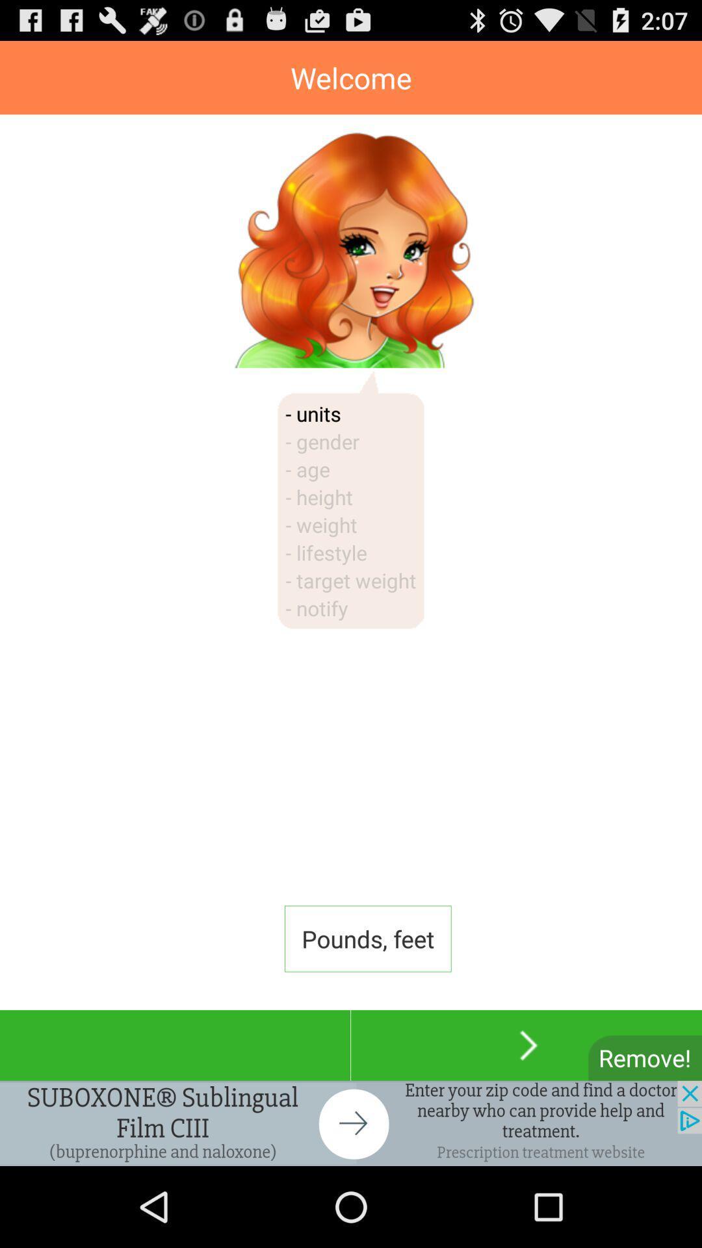 The height and width of the screenshot is (1248, 702). I want to click on see advertisement, so click(351, 1123).